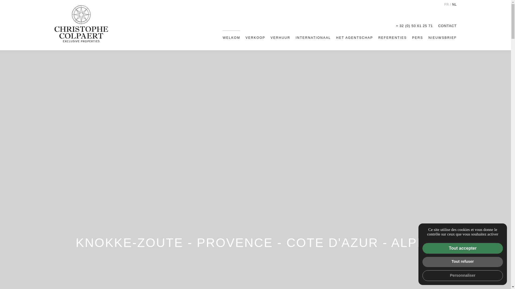 The image size is (515, 289). Describe the element at coordinates (446, 4) in the screenshot. I see `'FR'` at that location.